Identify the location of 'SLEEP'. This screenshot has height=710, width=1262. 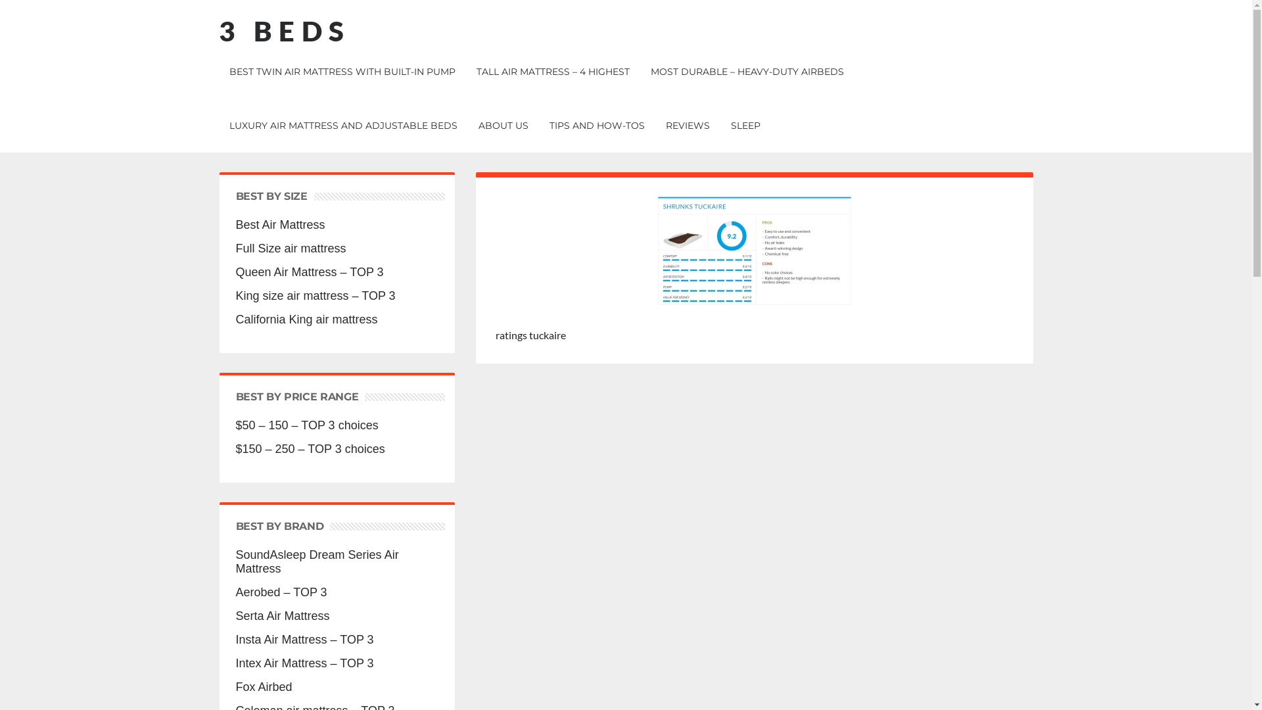
(745, 126).